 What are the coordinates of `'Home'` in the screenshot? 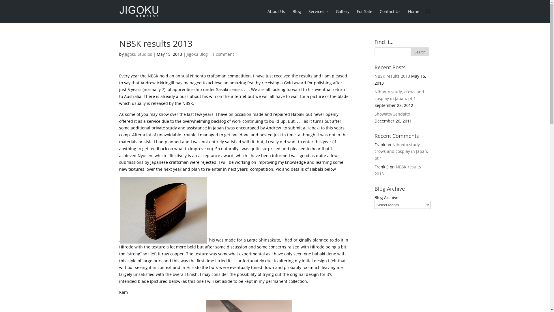 It's located at (408, 15).